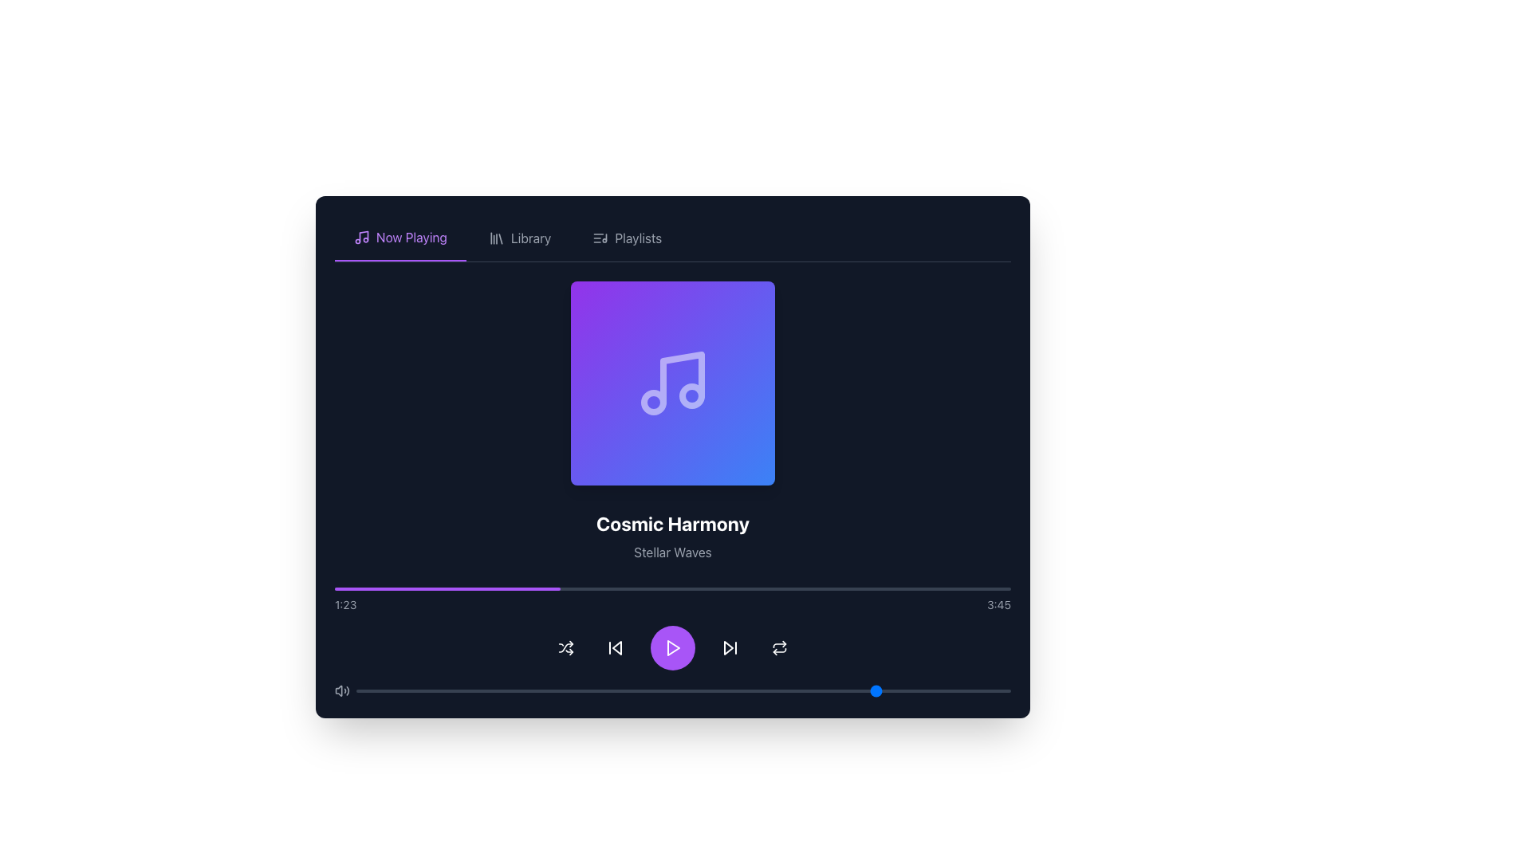 The width and height of the screenshot is (1531, 861). Describe the element at coordinates (673, 383) in the screenshot. I see `the central visual component of the media player, which features a gradient-filled square with a white musical note icon` at that location.